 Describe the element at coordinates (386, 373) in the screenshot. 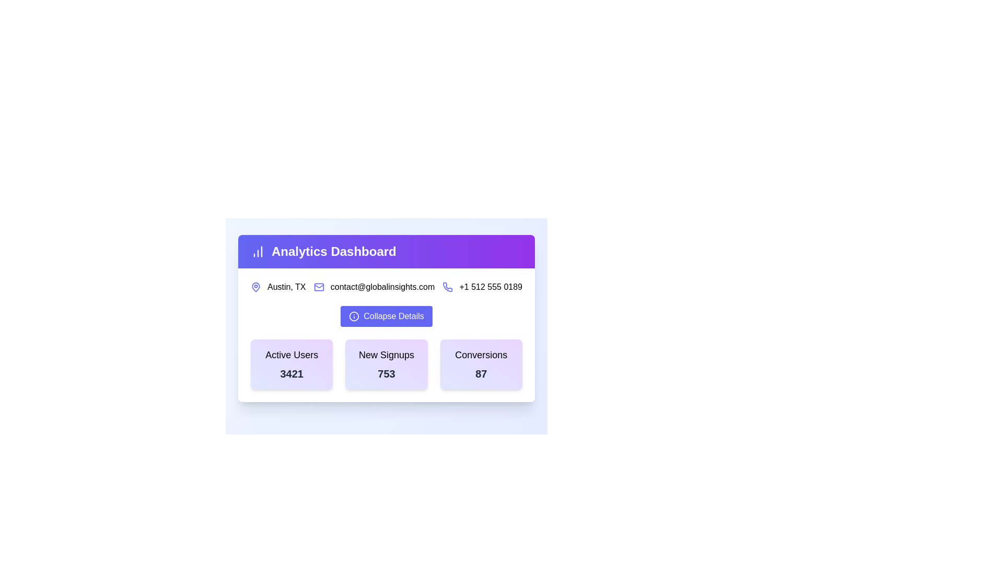

I see `the text label displaying the total number of new signups, which shows the number '753' under the 'Analytics Dashboard'` at that location.